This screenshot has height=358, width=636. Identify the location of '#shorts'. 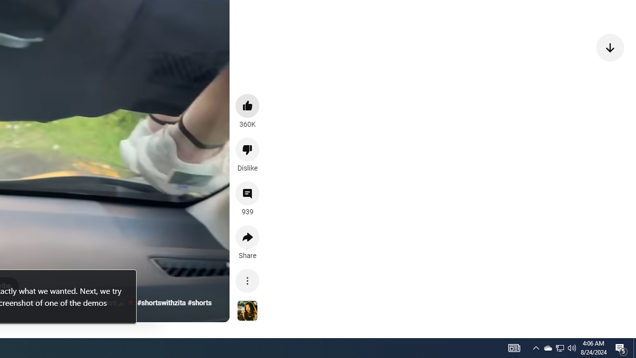
(199, 302).